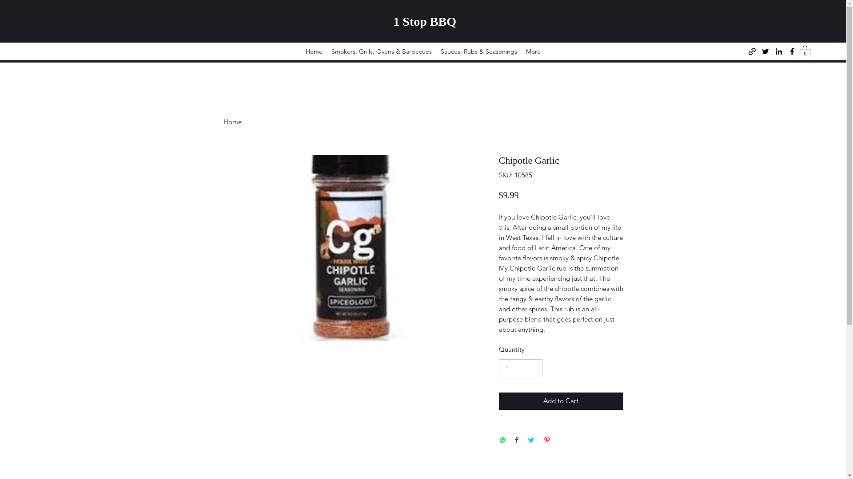 The width and height of the screenshot is (853, 479). Describe the element at coordinates (232, 121) in the screenshot. I see `'Home'` at that location.